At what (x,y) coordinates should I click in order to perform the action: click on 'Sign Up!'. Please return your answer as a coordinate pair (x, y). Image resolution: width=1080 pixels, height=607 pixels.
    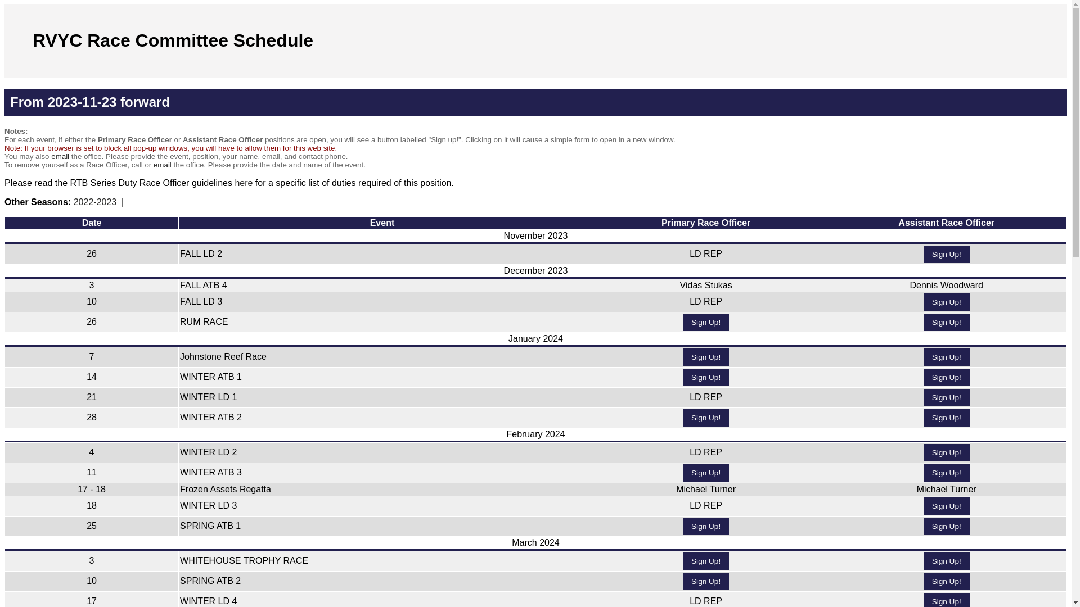
    Looking at the image, I should click on (946, 254).